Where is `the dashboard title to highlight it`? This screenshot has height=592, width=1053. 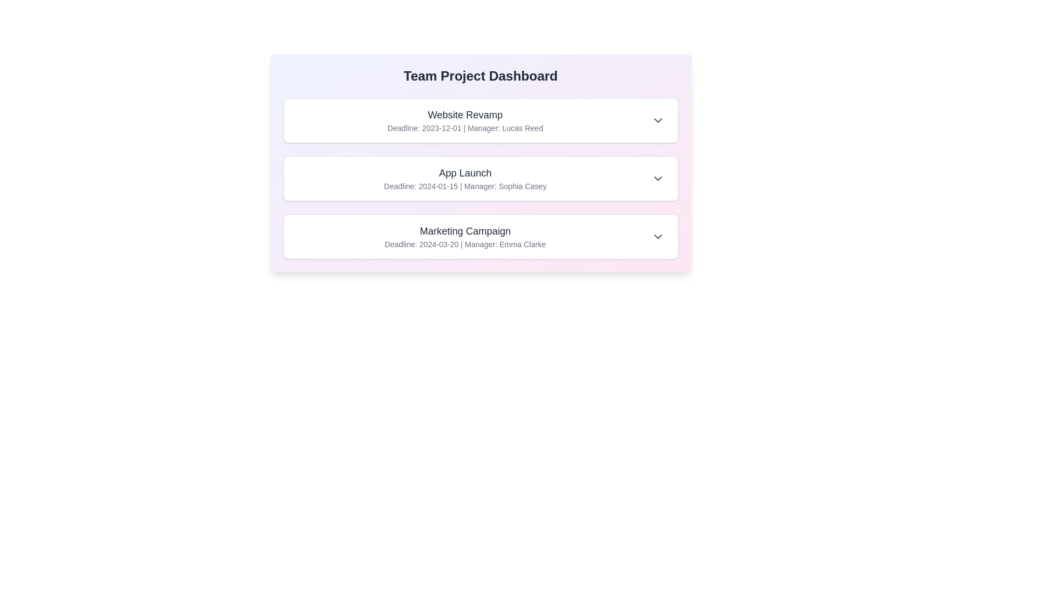
the dashboard title to highlight it is located at coordinates (480, 75).